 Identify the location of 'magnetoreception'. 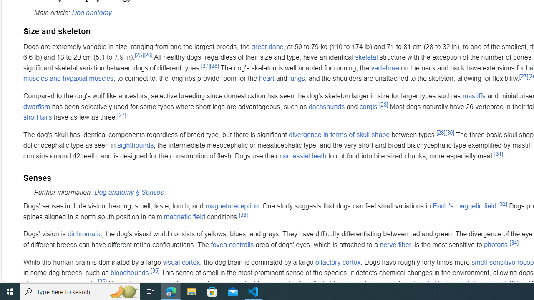
(232, 206).